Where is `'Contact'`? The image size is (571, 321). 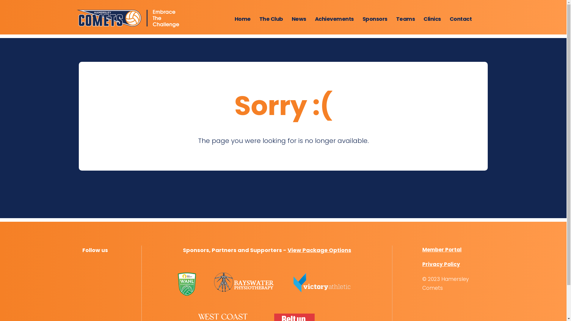
'Contact' is located at coordinates (460, 18).